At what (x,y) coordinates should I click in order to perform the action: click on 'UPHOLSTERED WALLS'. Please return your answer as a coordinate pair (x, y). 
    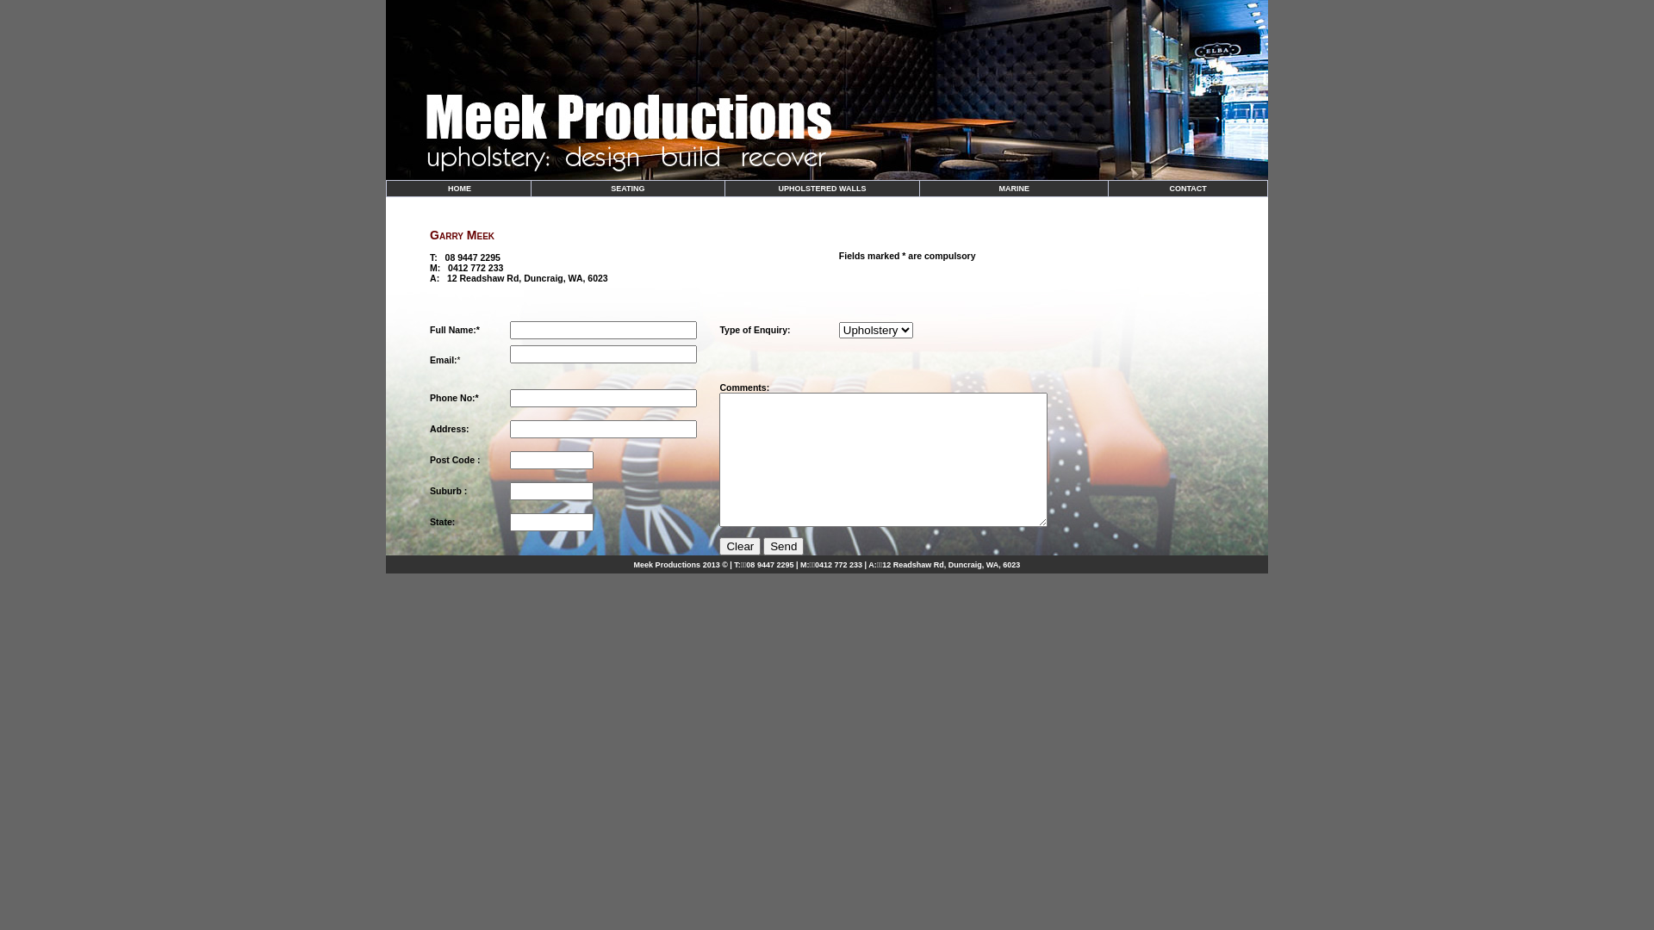
    Looking at the image, I should click on (776, 189).